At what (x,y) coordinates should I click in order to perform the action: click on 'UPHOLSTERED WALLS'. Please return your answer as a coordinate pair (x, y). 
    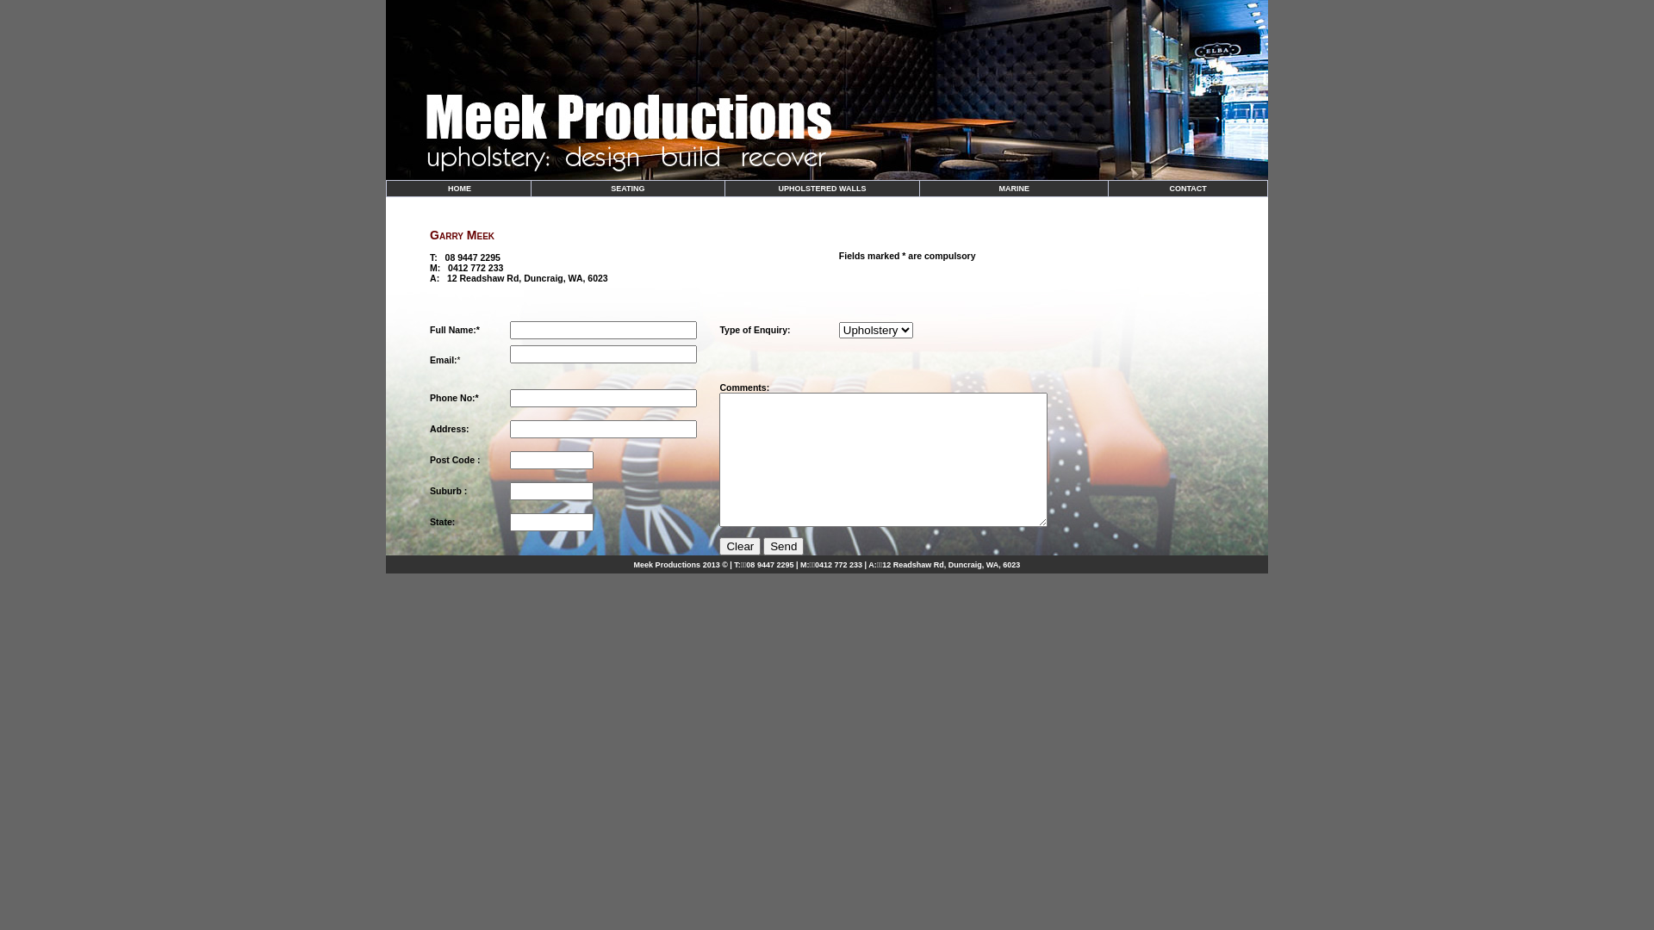
    Looking at the image, I should click on (776, 189).